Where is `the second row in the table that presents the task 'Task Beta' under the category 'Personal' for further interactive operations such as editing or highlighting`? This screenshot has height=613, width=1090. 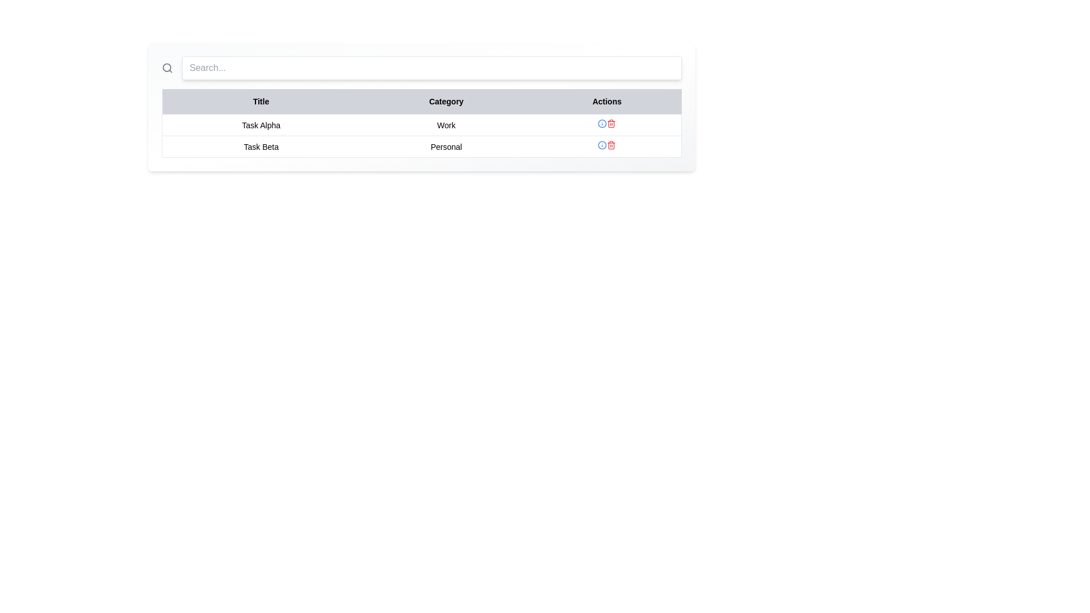
the second row in the table that presents the task 'Task Beta' under the category 'Personal' for further interactive operations such as editing or highlighting is located at coordinates (421, 146).